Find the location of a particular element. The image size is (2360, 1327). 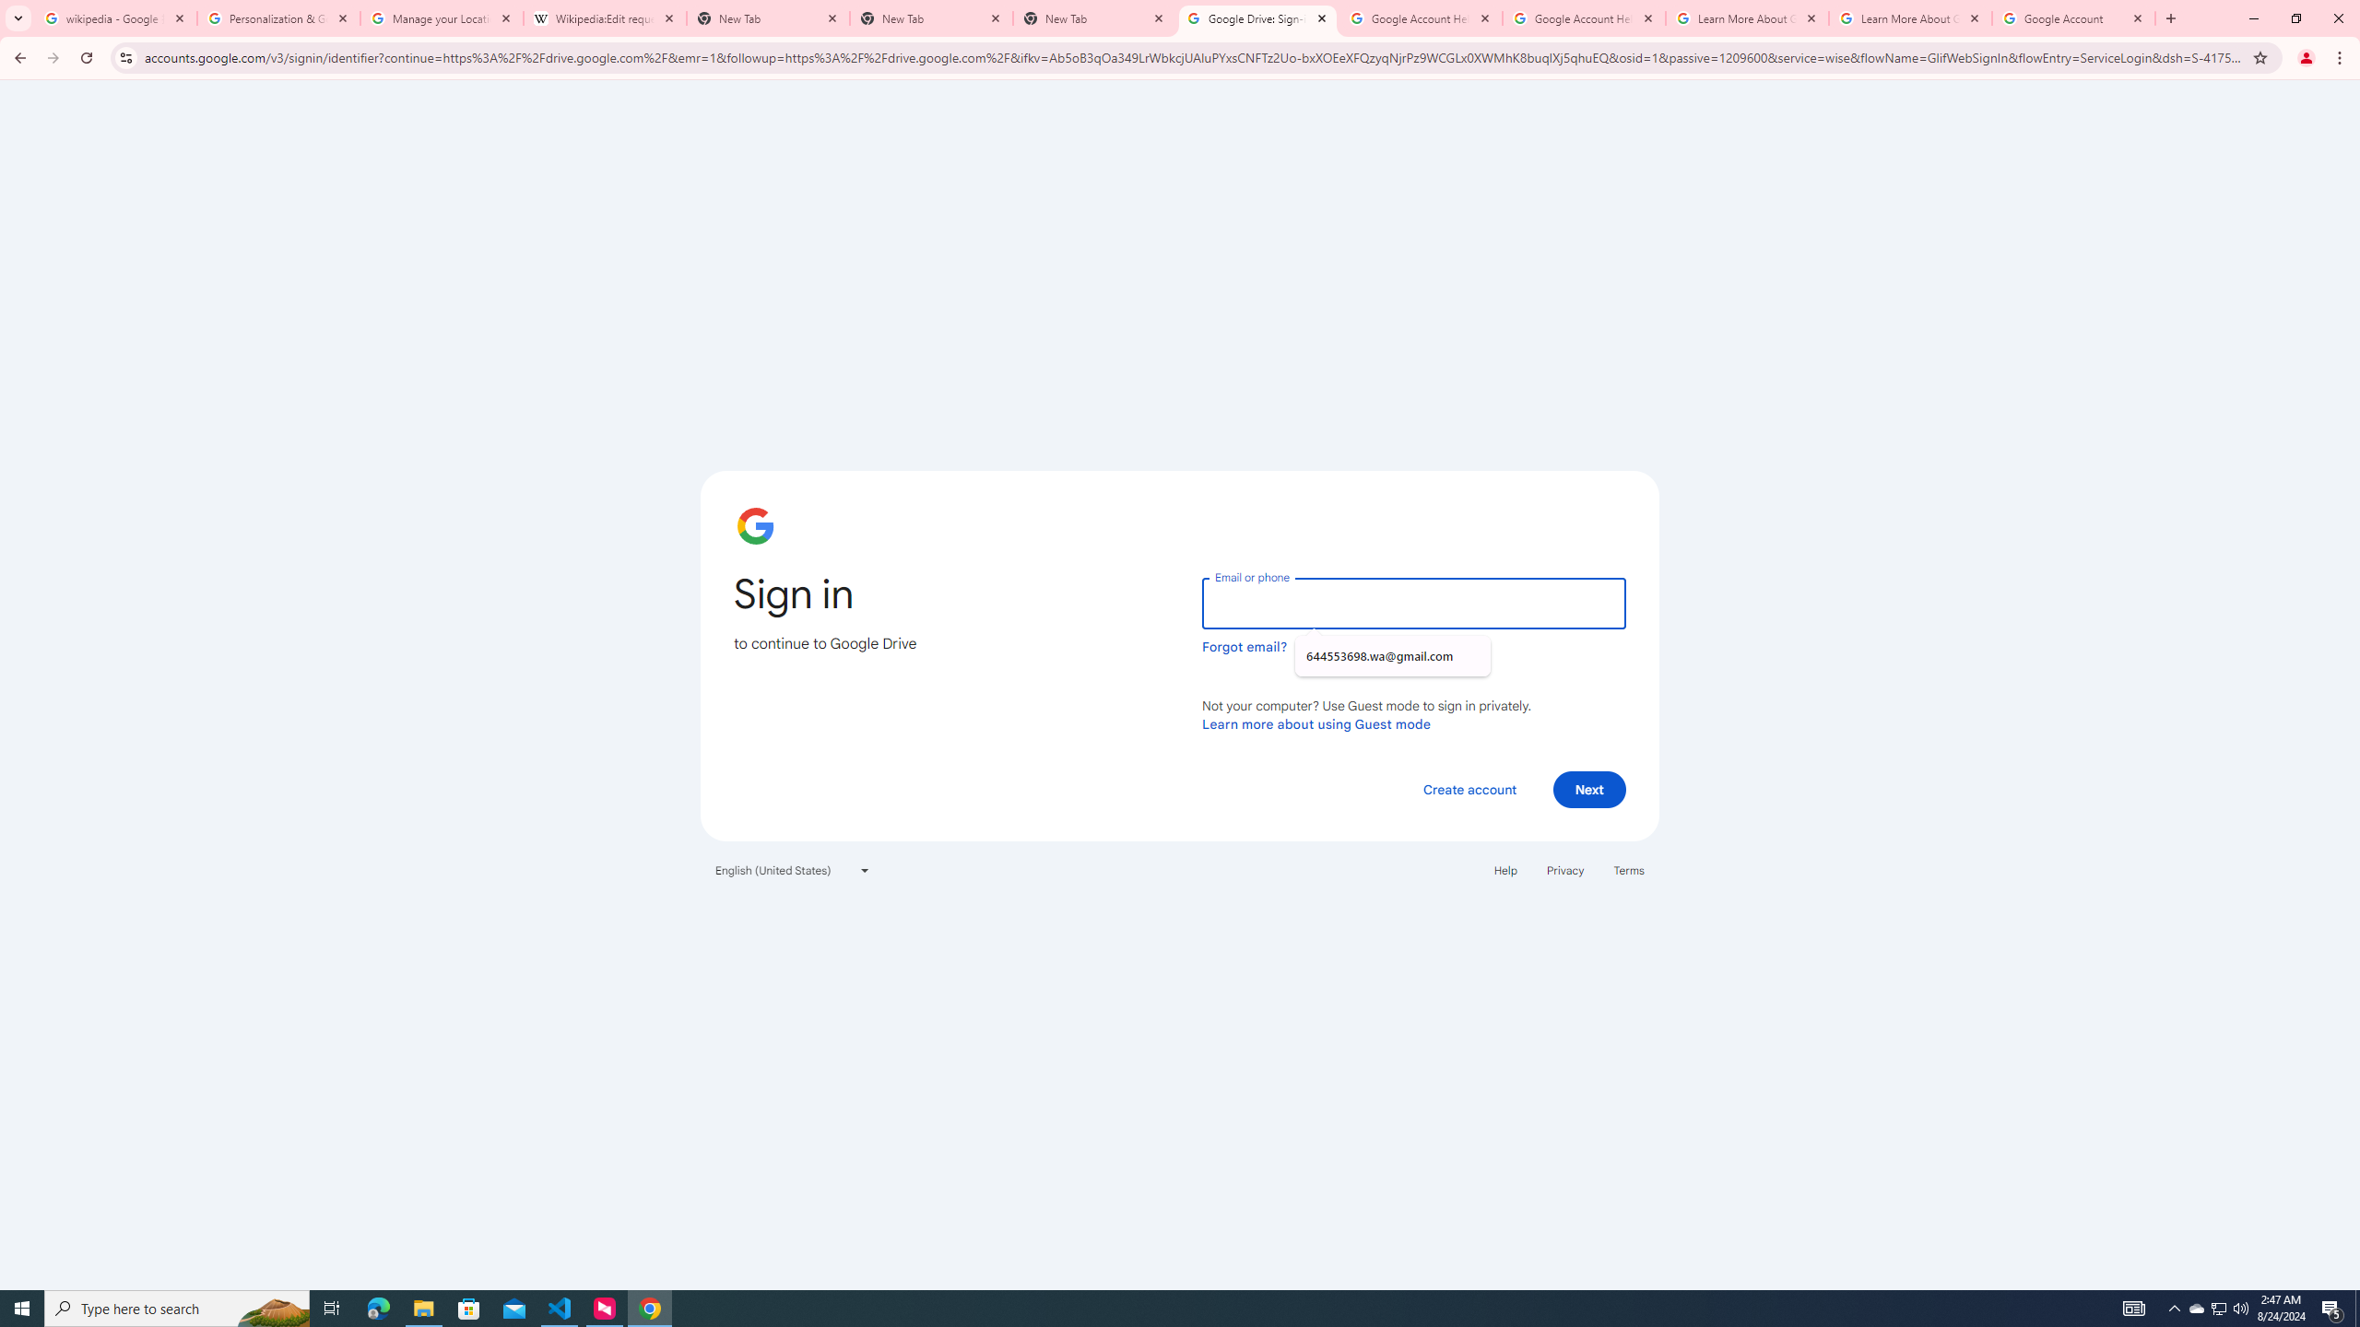

'644553698.wa@gmail.com' is located at coordinates (1391, 656).